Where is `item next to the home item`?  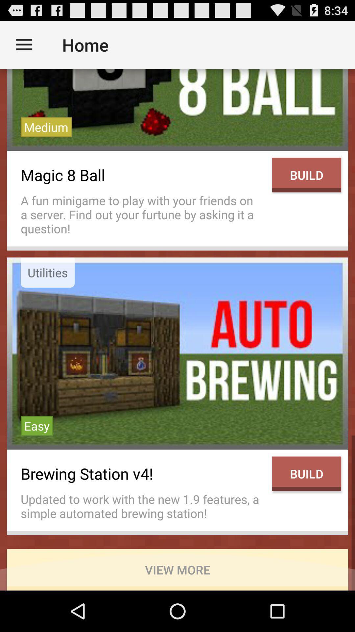
item next to the home item is located at coordinates (24, 44).